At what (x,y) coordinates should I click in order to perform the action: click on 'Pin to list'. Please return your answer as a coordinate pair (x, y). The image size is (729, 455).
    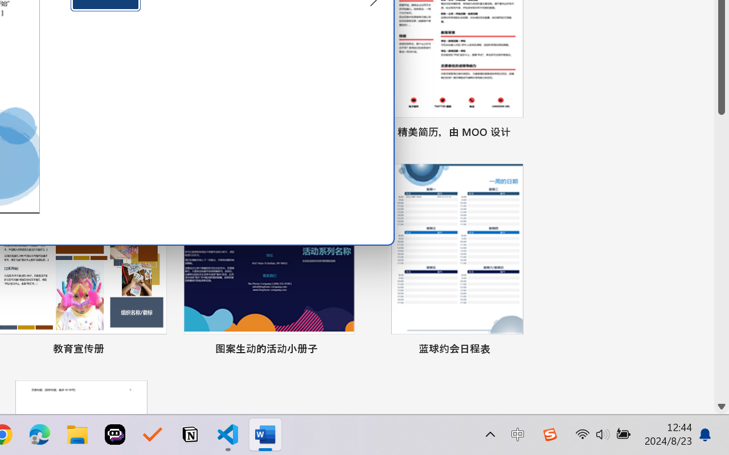
    Looking at the image, I should click on (531, 350).